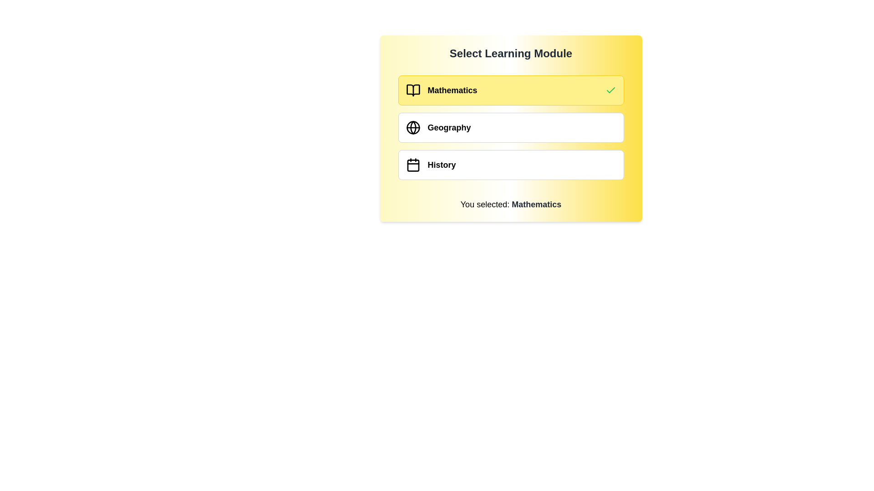 The height and width of the screenshot is (491, 874). I want to click on the text that indicates the user's current selection, located in the phrase "You selected" at the bottom of the module, so click(536, 205).